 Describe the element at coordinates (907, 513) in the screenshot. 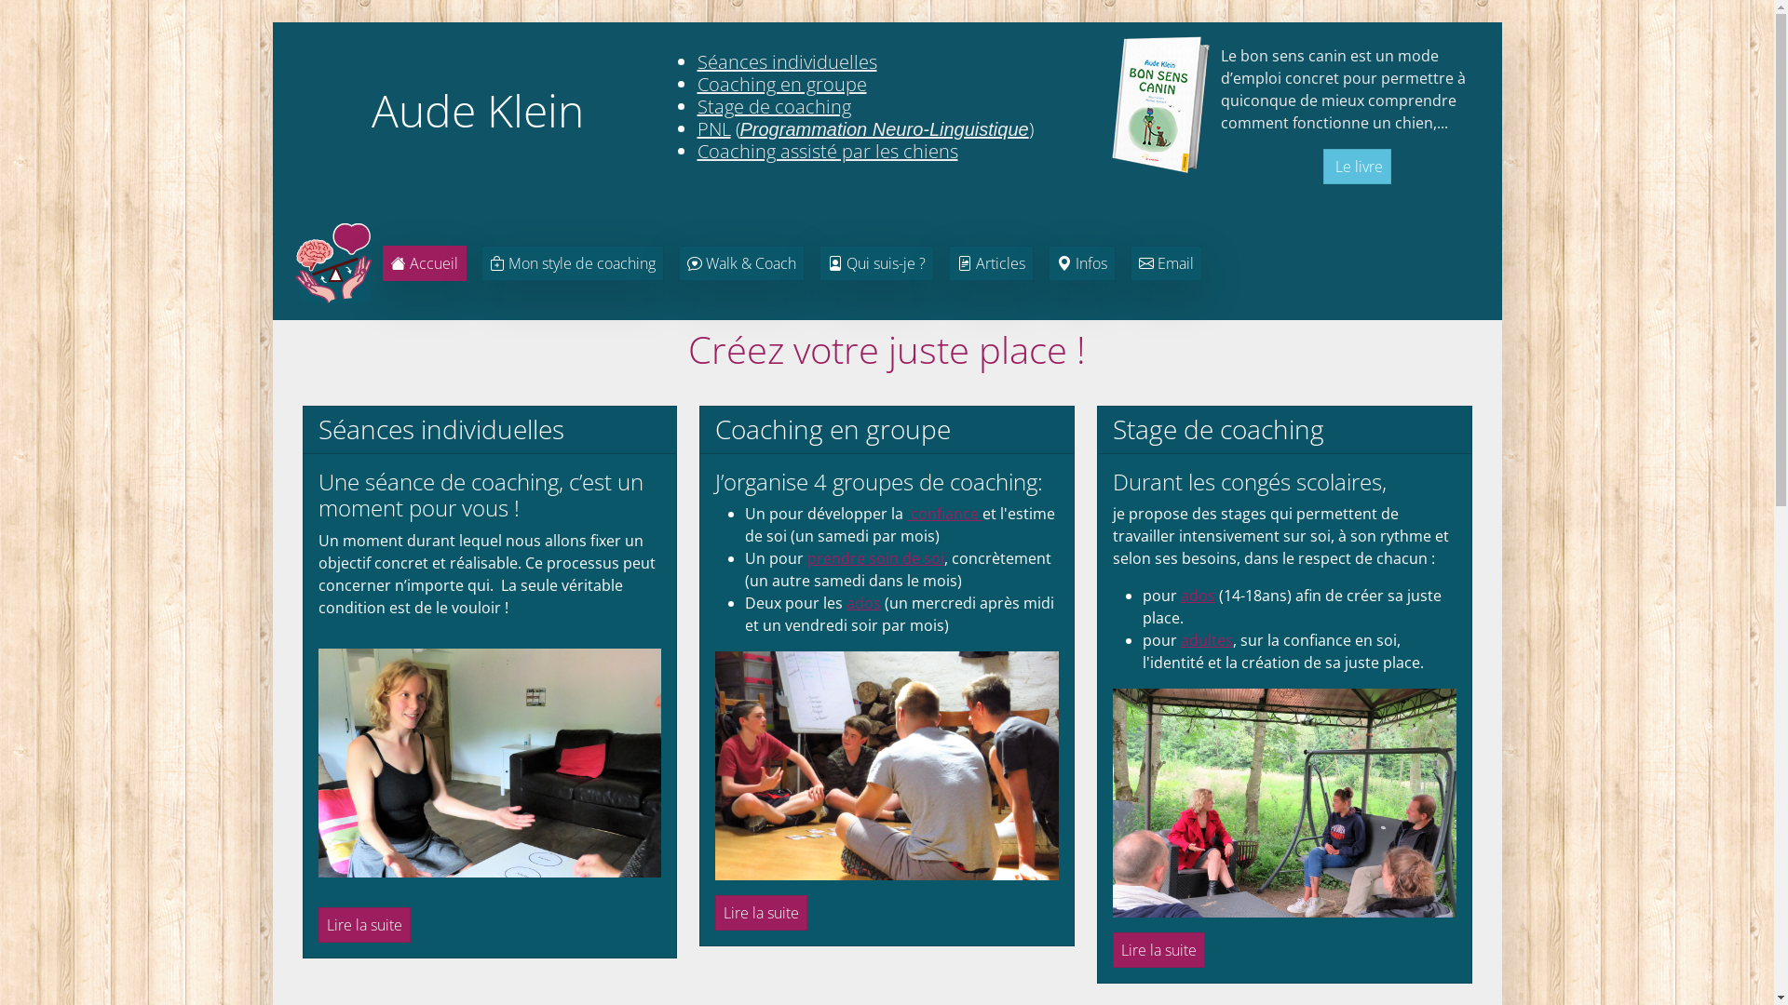

I see `'confiance'` at that location.